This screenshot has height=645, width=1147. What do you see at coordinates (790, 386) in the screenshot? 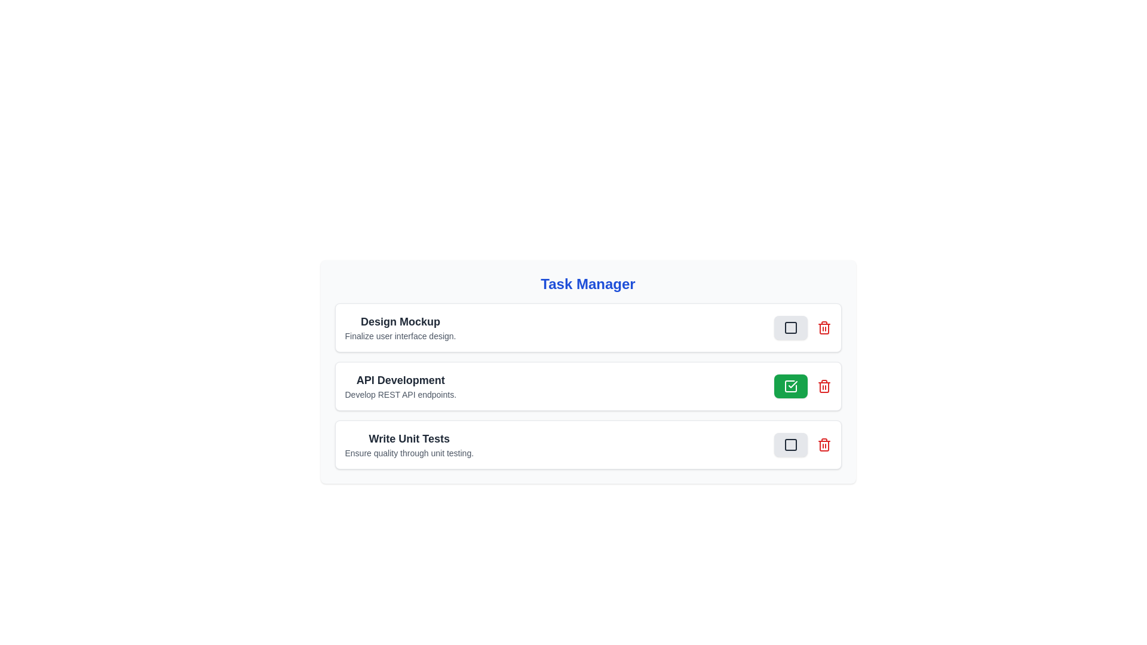
I see `the check indicator icon marking the 'API Development' task` at bounding box center [790, 386].